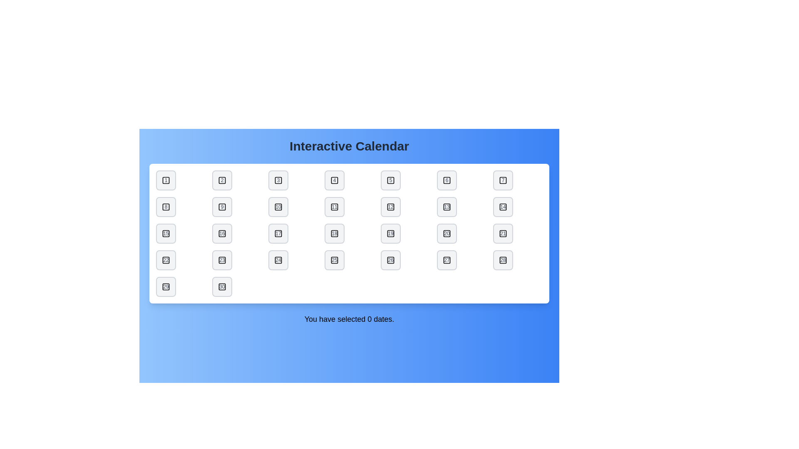 The image size is (799, 449). I want to click on the date button labeled 6 to toggle its selection state, so click(447, 180).